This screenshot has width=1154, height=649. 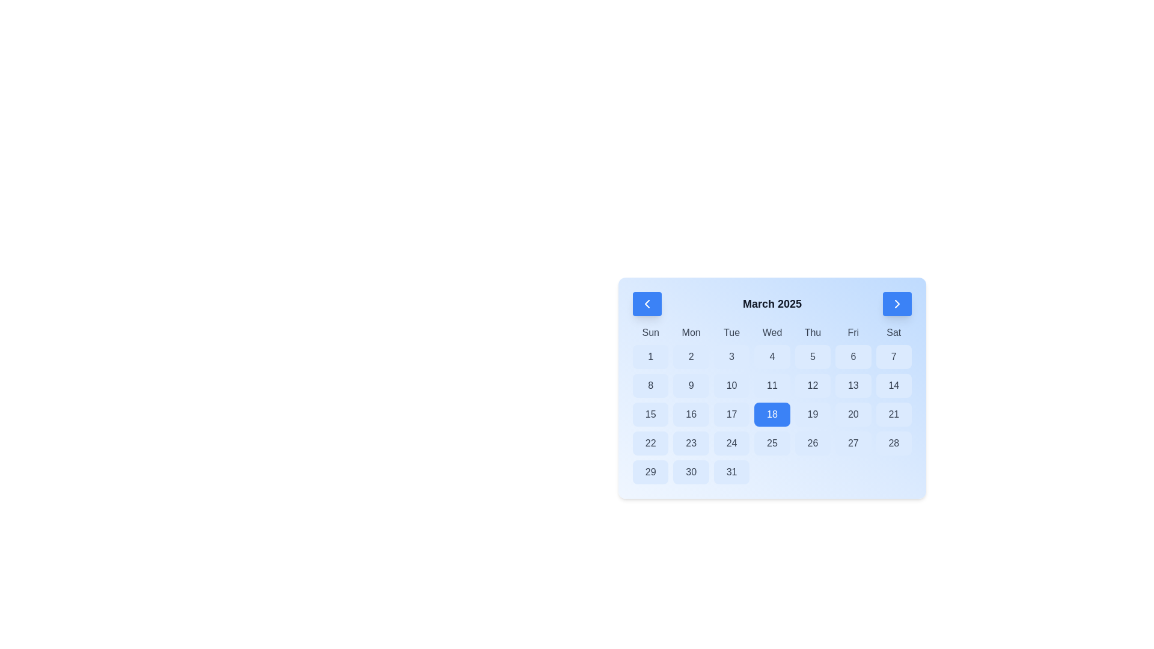 I want to click on the rounded rectangular button with a light blue background containing the number '22', so click(x=650, y=443).